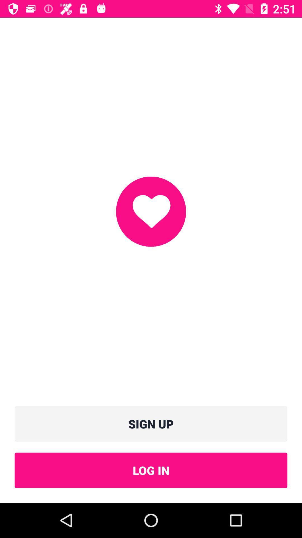 This screenshot has width=302, height=538. I want to click on the sign up icon, so click(151, 424).